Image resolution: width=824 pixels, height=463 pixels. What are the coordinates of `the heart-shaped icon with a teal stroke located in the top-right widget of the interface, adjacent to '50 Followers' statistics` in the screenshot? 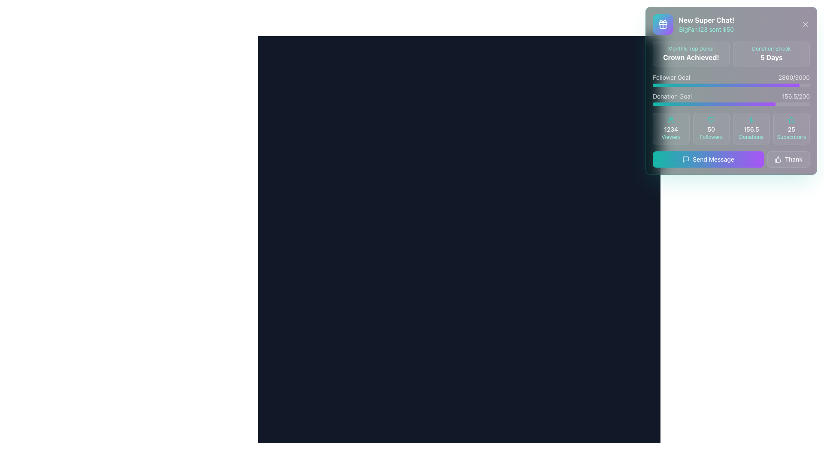 It's located at (711, 120).